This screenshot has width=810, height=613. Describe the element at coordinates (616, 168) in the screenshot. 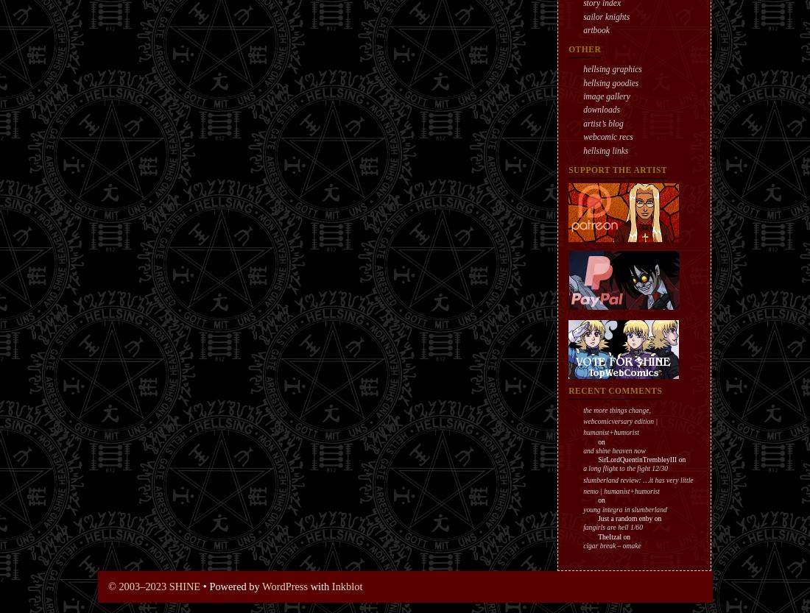

I see `'Support the Artist'` at that location.